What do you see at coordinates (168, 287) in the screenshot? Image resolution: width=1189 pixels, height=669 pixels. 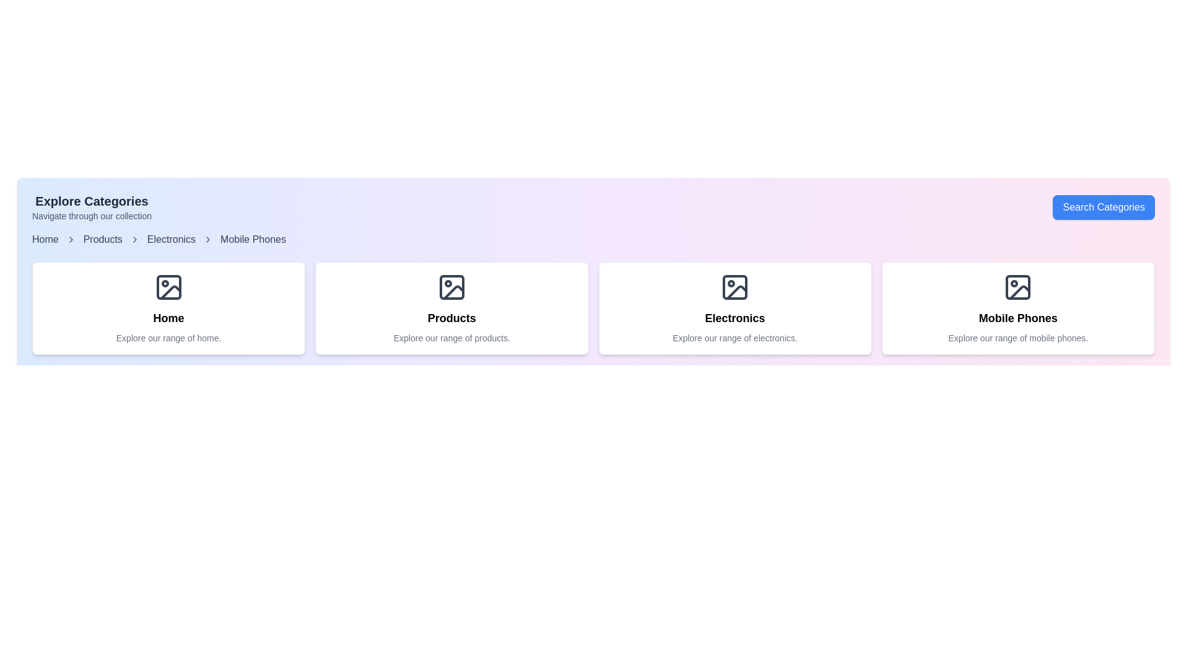 I see `the small rounded rectangle graphical decoration that is part of the image icon in the first card ('Home') of the horizontally arranged set of cards` at bounding box center [168, 287].